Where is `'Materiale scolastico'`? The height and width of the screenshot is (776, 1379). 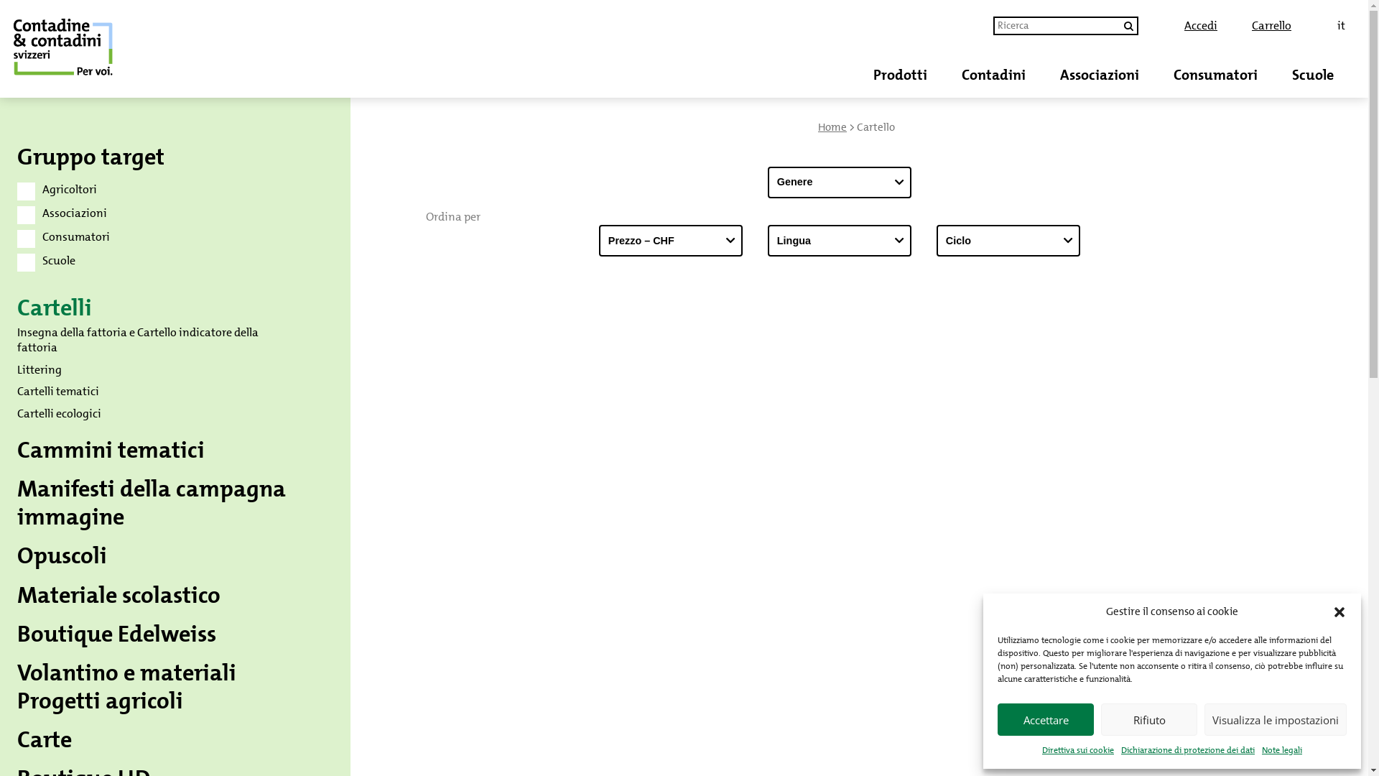
'Materiale scolastico' is located at coordinates (119, 595).